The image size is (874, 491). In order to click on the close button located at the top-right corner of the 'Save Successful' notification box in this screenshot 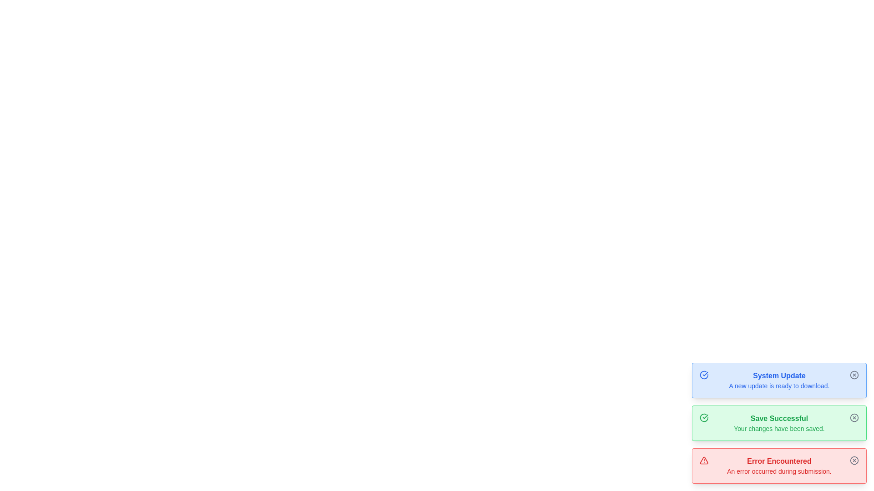, I will do `click(854, 417)`.